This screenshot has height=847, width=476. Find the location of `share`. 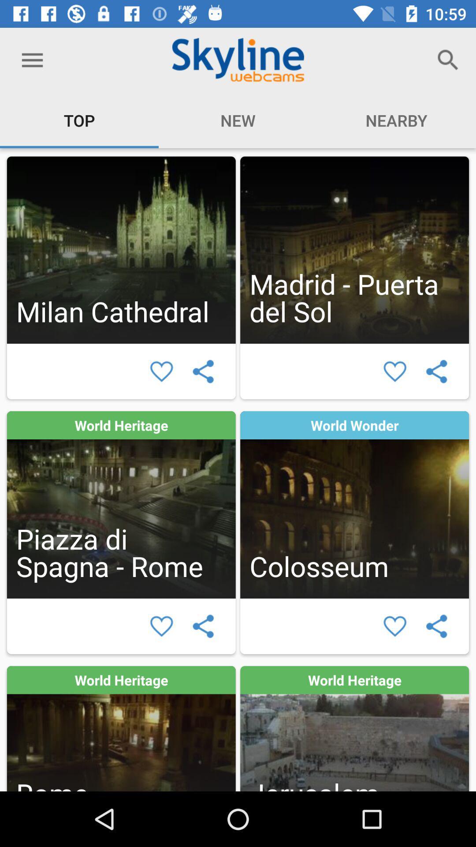

share is located at coordinates (203, 371).